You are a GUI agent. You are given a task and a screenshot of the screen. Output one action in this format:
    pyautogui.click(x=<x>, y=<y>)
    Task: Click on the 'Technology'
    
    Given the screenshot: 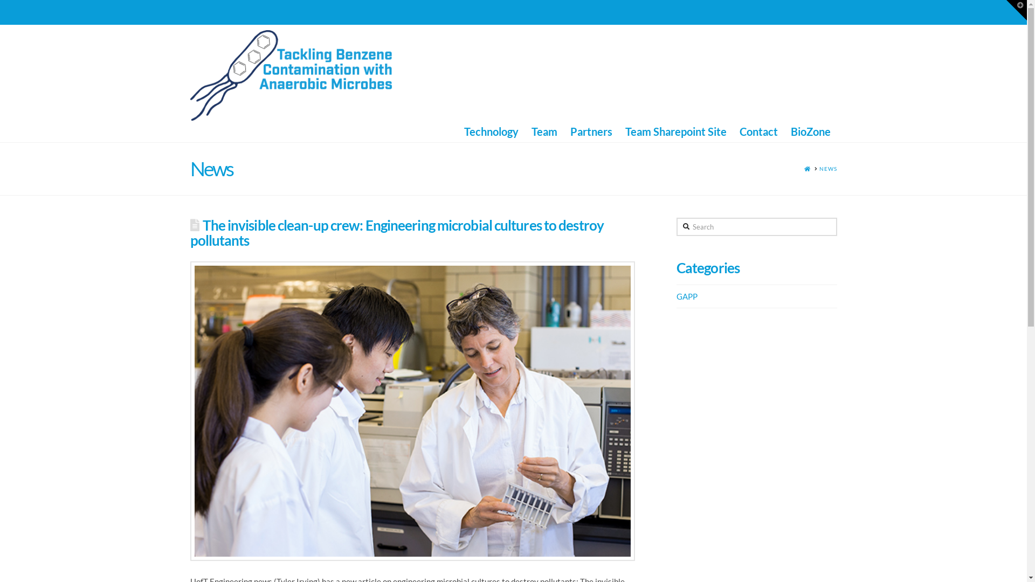 What is the action you would take?
    pyautogui.click(x=453, y=130)
    